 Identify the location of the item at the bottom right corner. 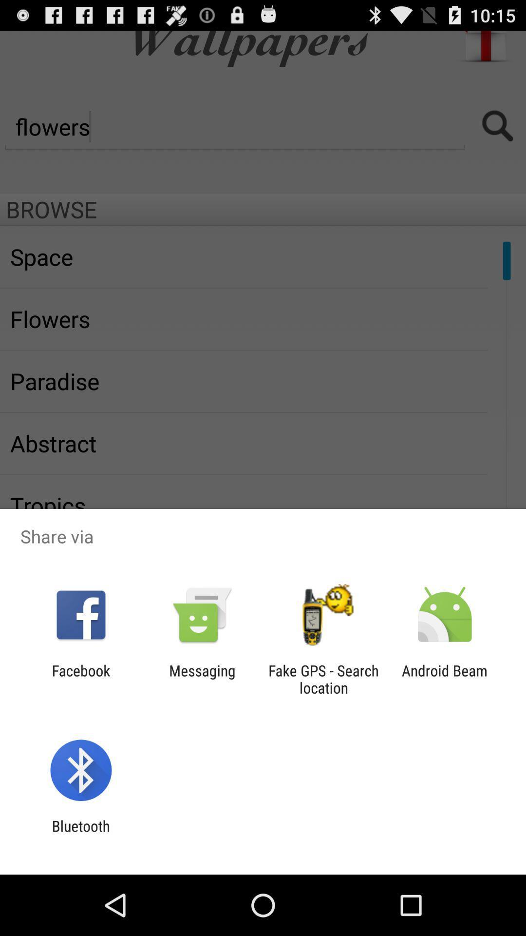
(445, 679).